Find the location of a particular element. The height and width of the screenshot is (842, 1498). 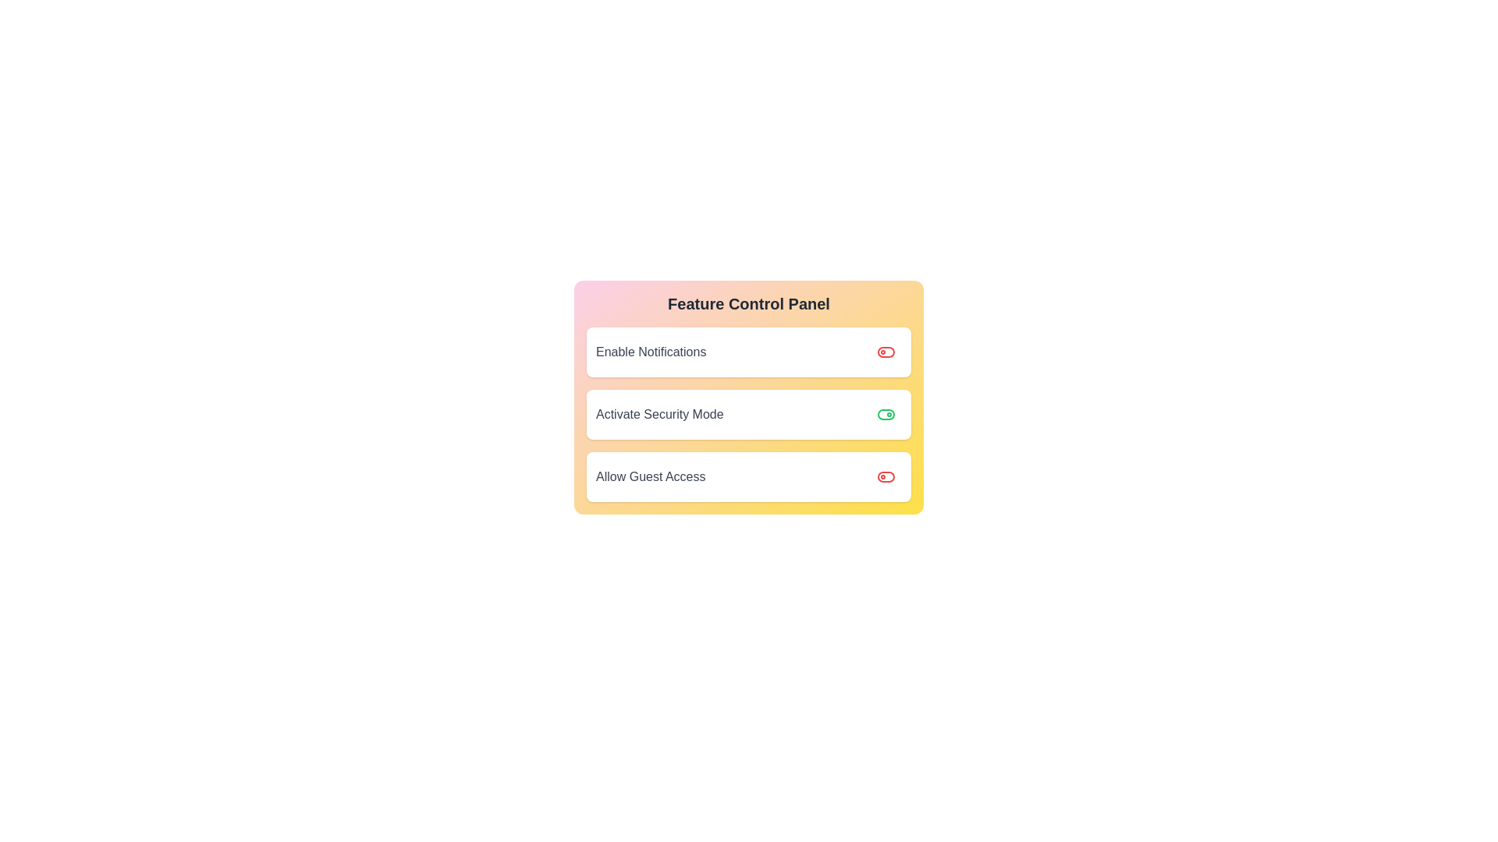

the toggle switch icon resembling a left toggle, styled in red to denote an inactive state, located next to 'Enable Notifications' in the 'Feature Control Panel' is located at coordinates (886, 476).